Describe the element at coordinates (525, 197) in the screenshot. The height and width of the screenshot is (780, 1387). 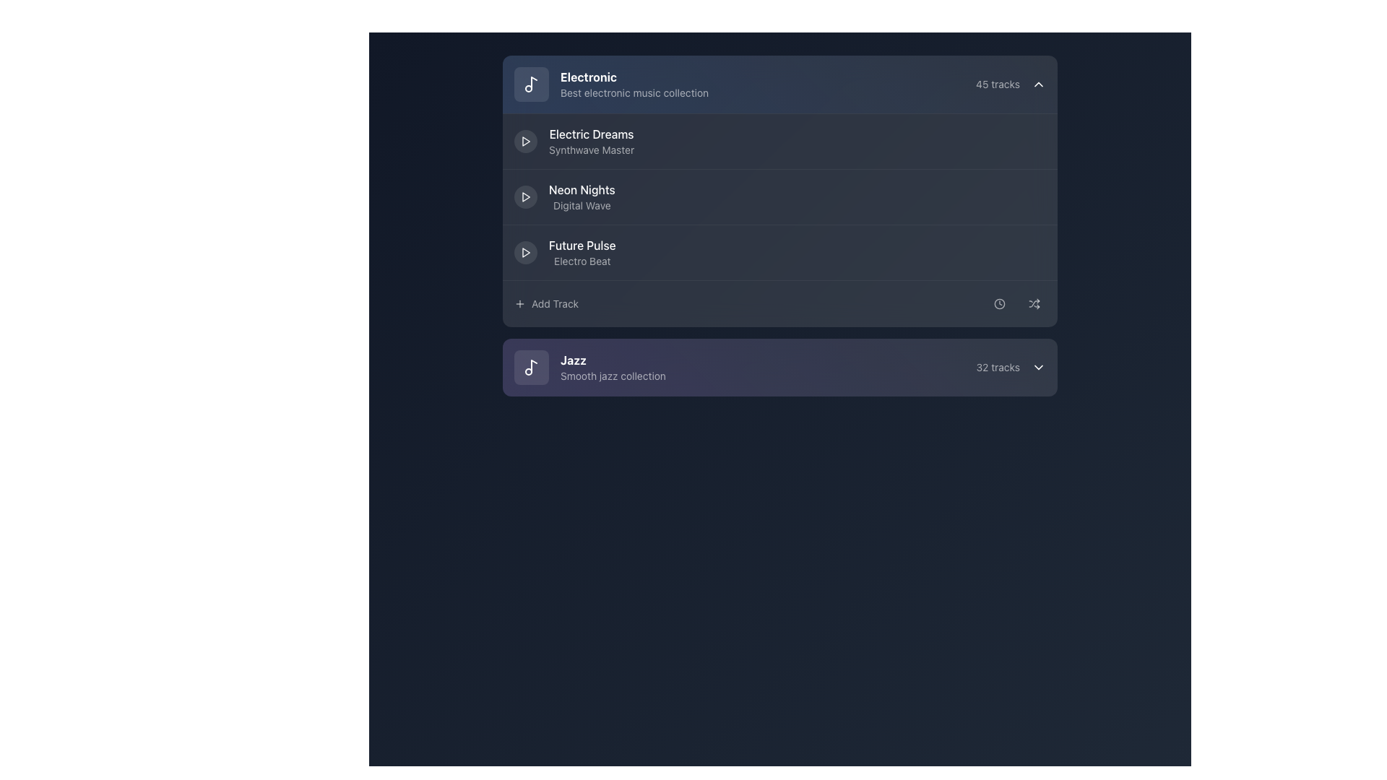
I see `the play button for the 'Neon Nights' track located` at that location.